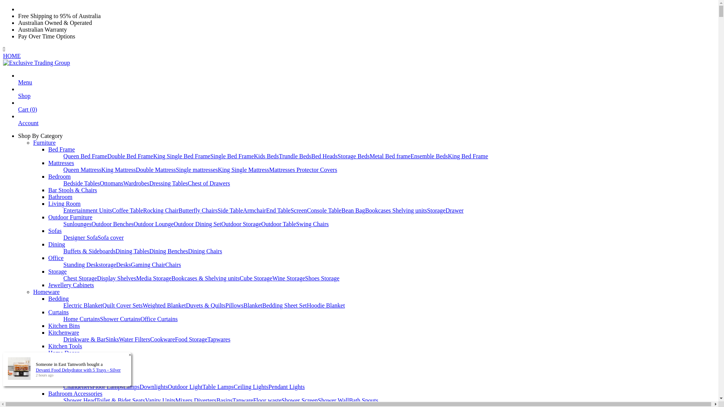 Image resolution: width=724 pixels, height=407 pixels. What do you see at coordinates (160, 400) in the screenshot?
I see `'Vanity Units'` at bounding box center [160, 400].